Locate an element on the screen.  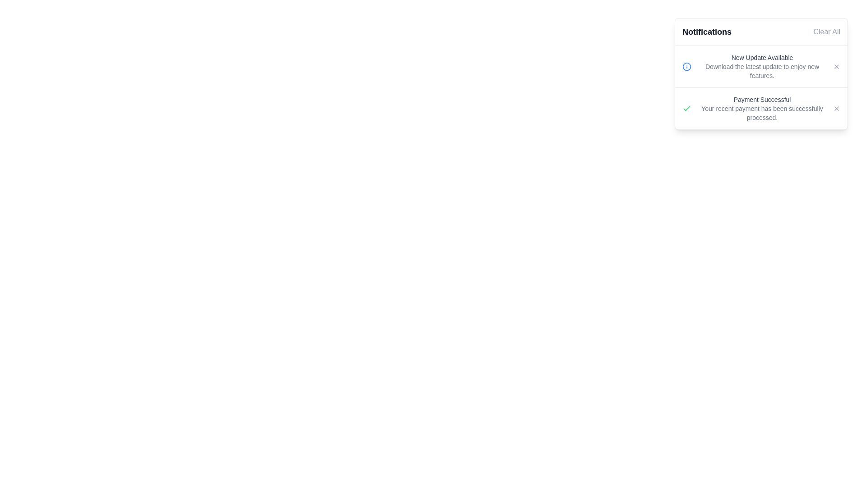
the text block that displays 'New Update Available' to trigger tooltip or other effects is located at coordinates (761, 66).